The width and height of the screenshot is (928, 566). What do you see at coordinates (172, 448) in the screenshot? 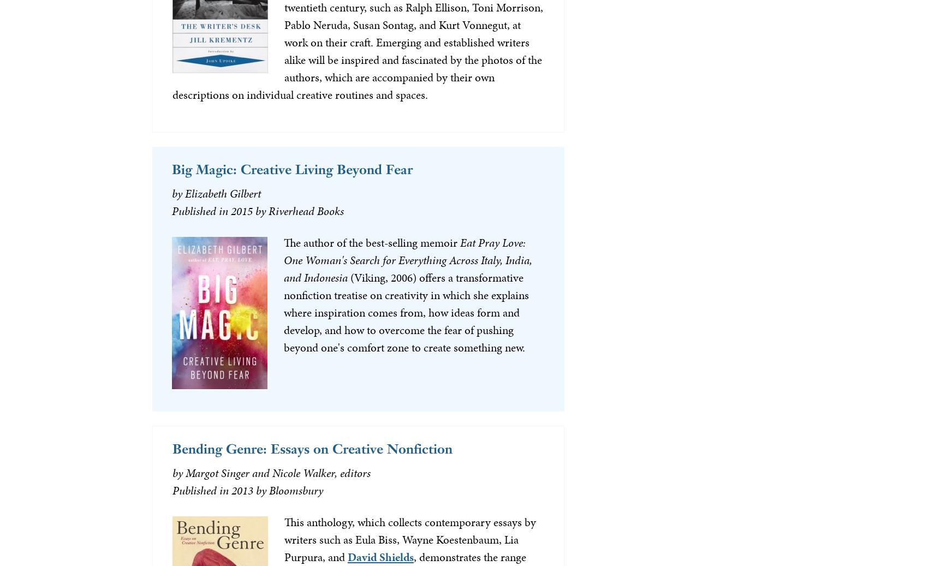
I see `'Bending Genre: Essays on Creative Nonfiction'` at bounding box center [172, 448].